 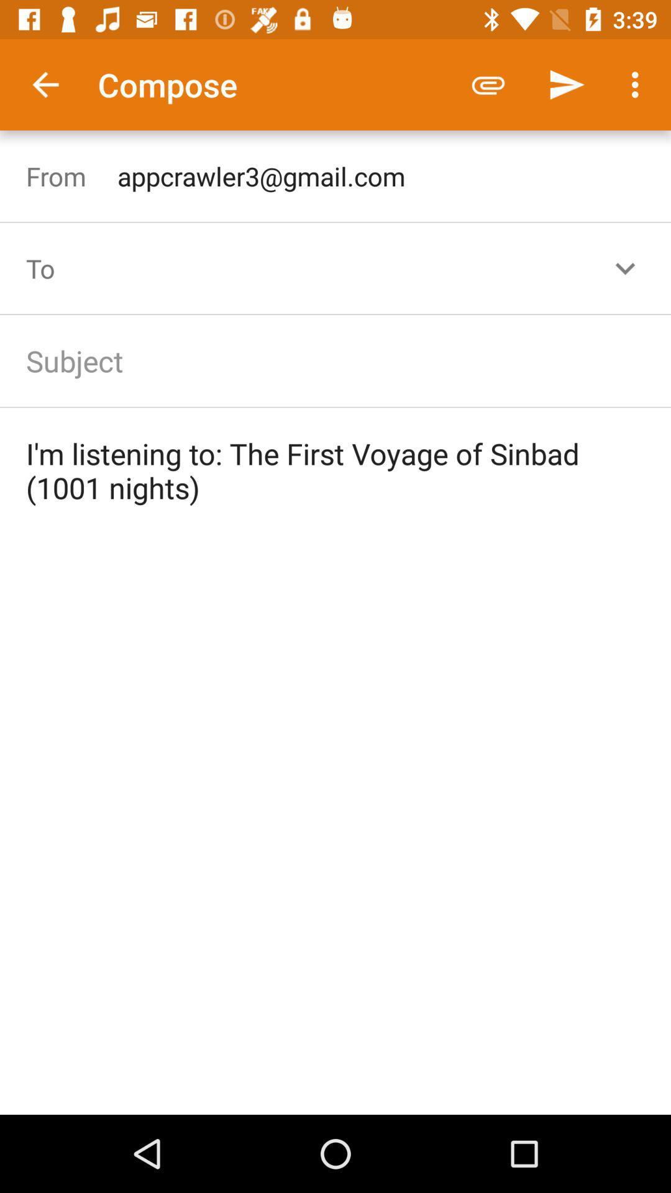 I want to click on item above the appcrawler3@gmail.com icon, so click(x=566, y=84).